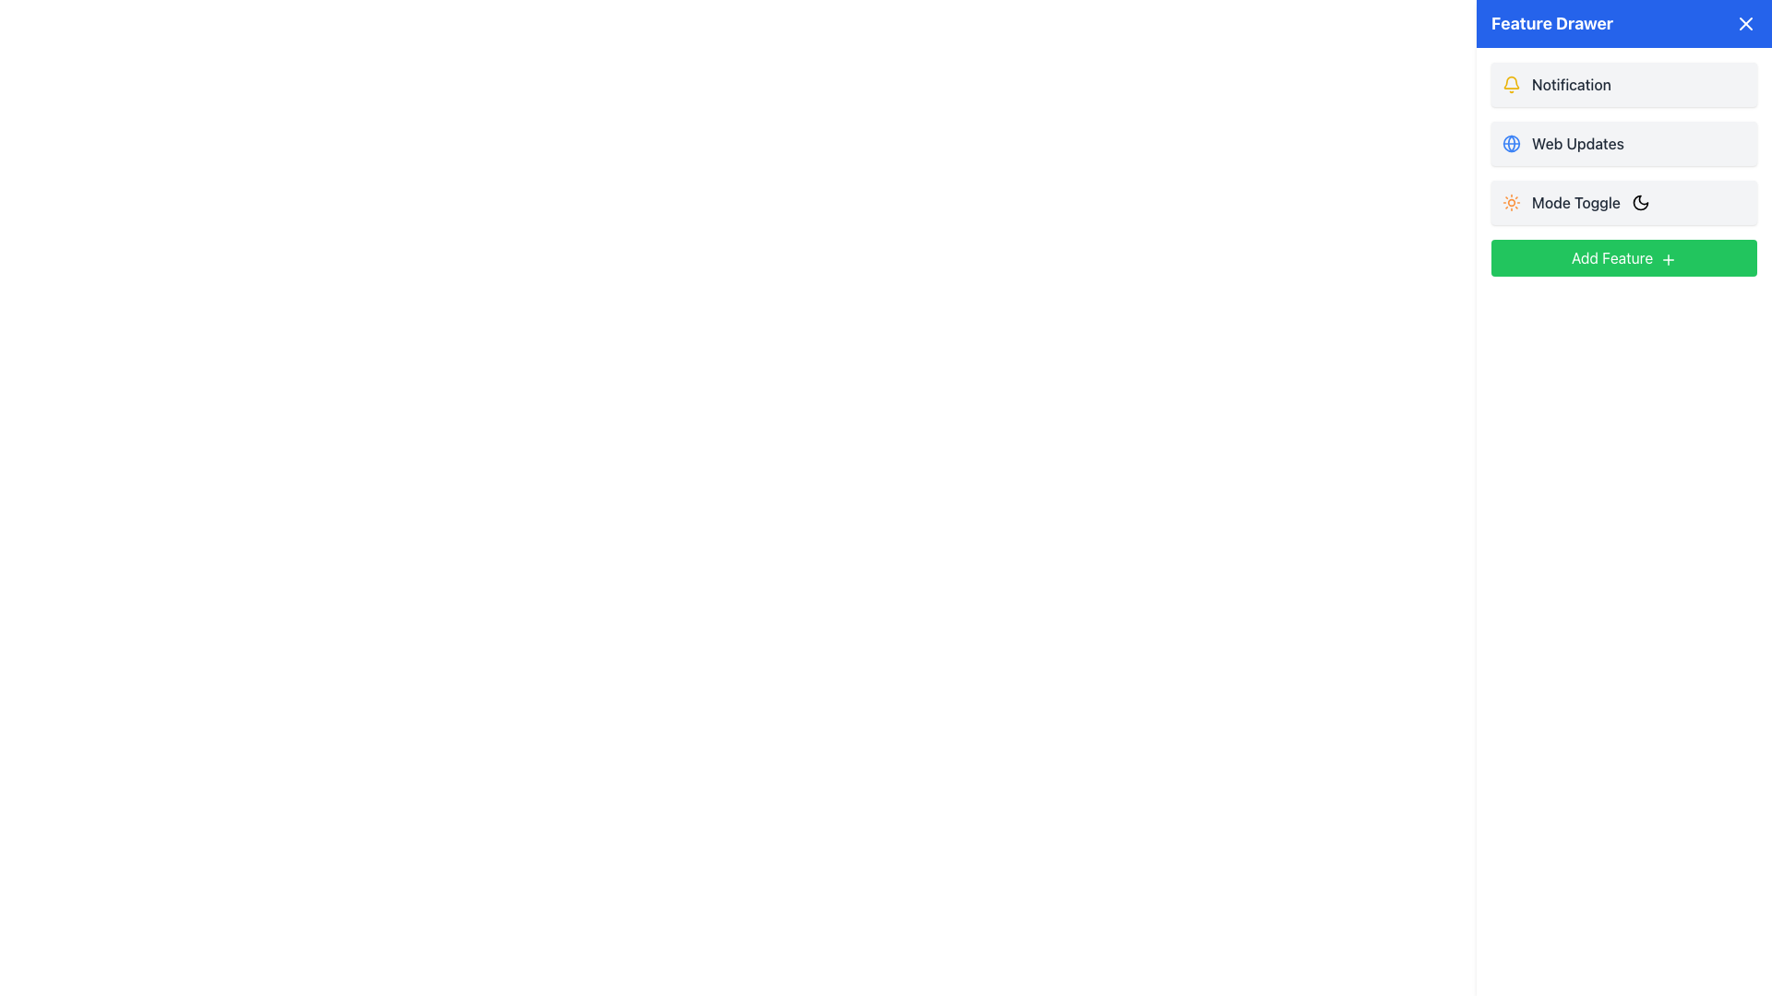  What do you see at coordinates (1511, 85) in the screenshot?
I see `the bell notification icon positioned to the left of the 'Notification' text` at bounding box center [1511, 85].